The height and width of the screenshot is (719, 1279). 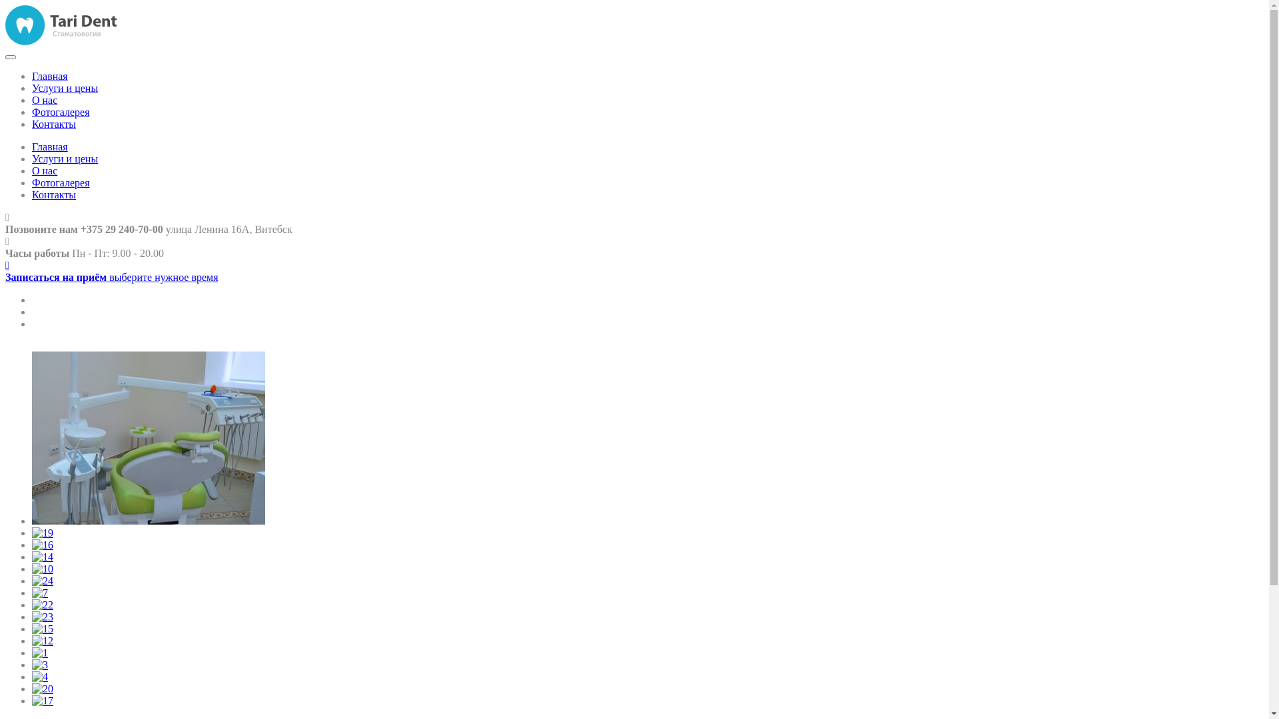 What do you see at coordinates (42, 616) in the screenshot?
I see `'23'` at bounding box center [42, 616].